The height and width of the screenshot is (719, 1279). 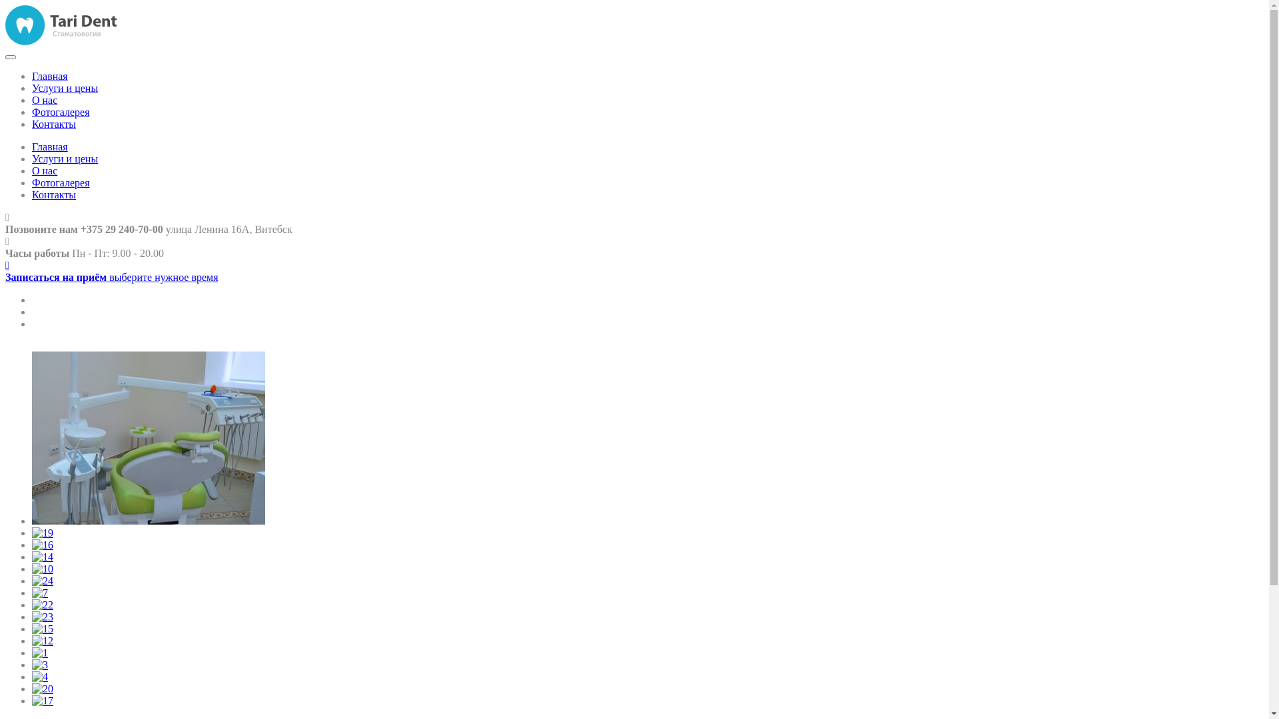 What do you see at coordinates (42, 616) in the screenshot?
I see `'23'` at bounding box center [42, 616].